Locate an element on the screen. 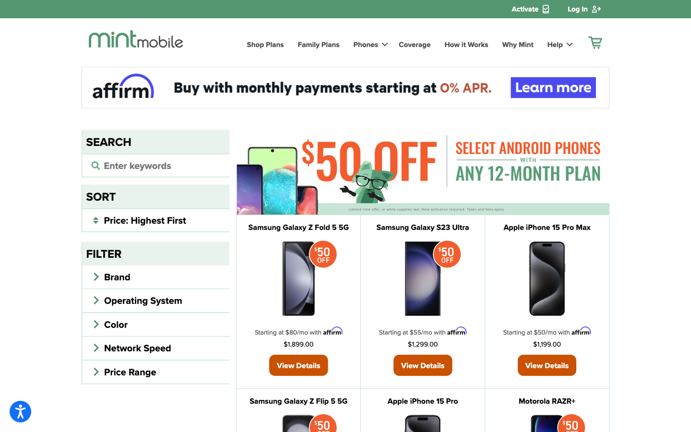 This screenshot has width=691, height=432. Adjust sorting category is located at coordinates (155, 219).